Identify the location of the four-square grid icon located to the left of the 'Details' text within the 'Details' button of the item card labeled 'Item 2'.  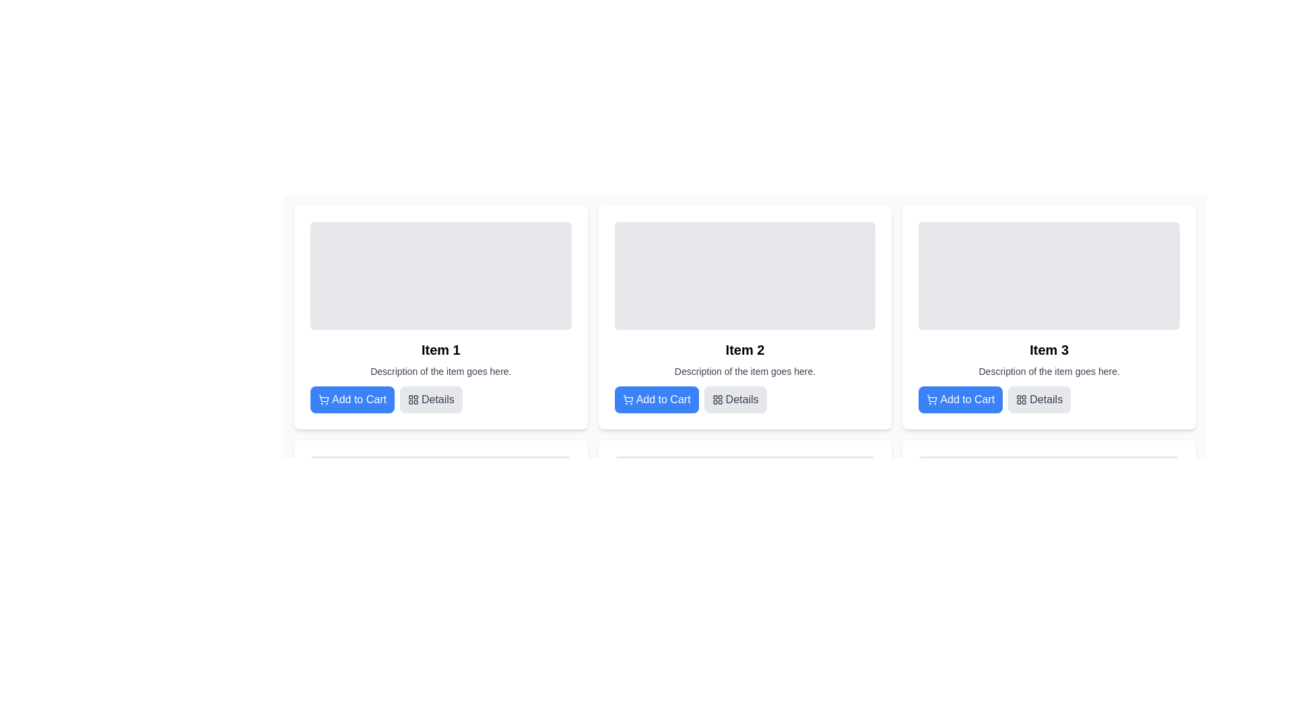
(717, 399).